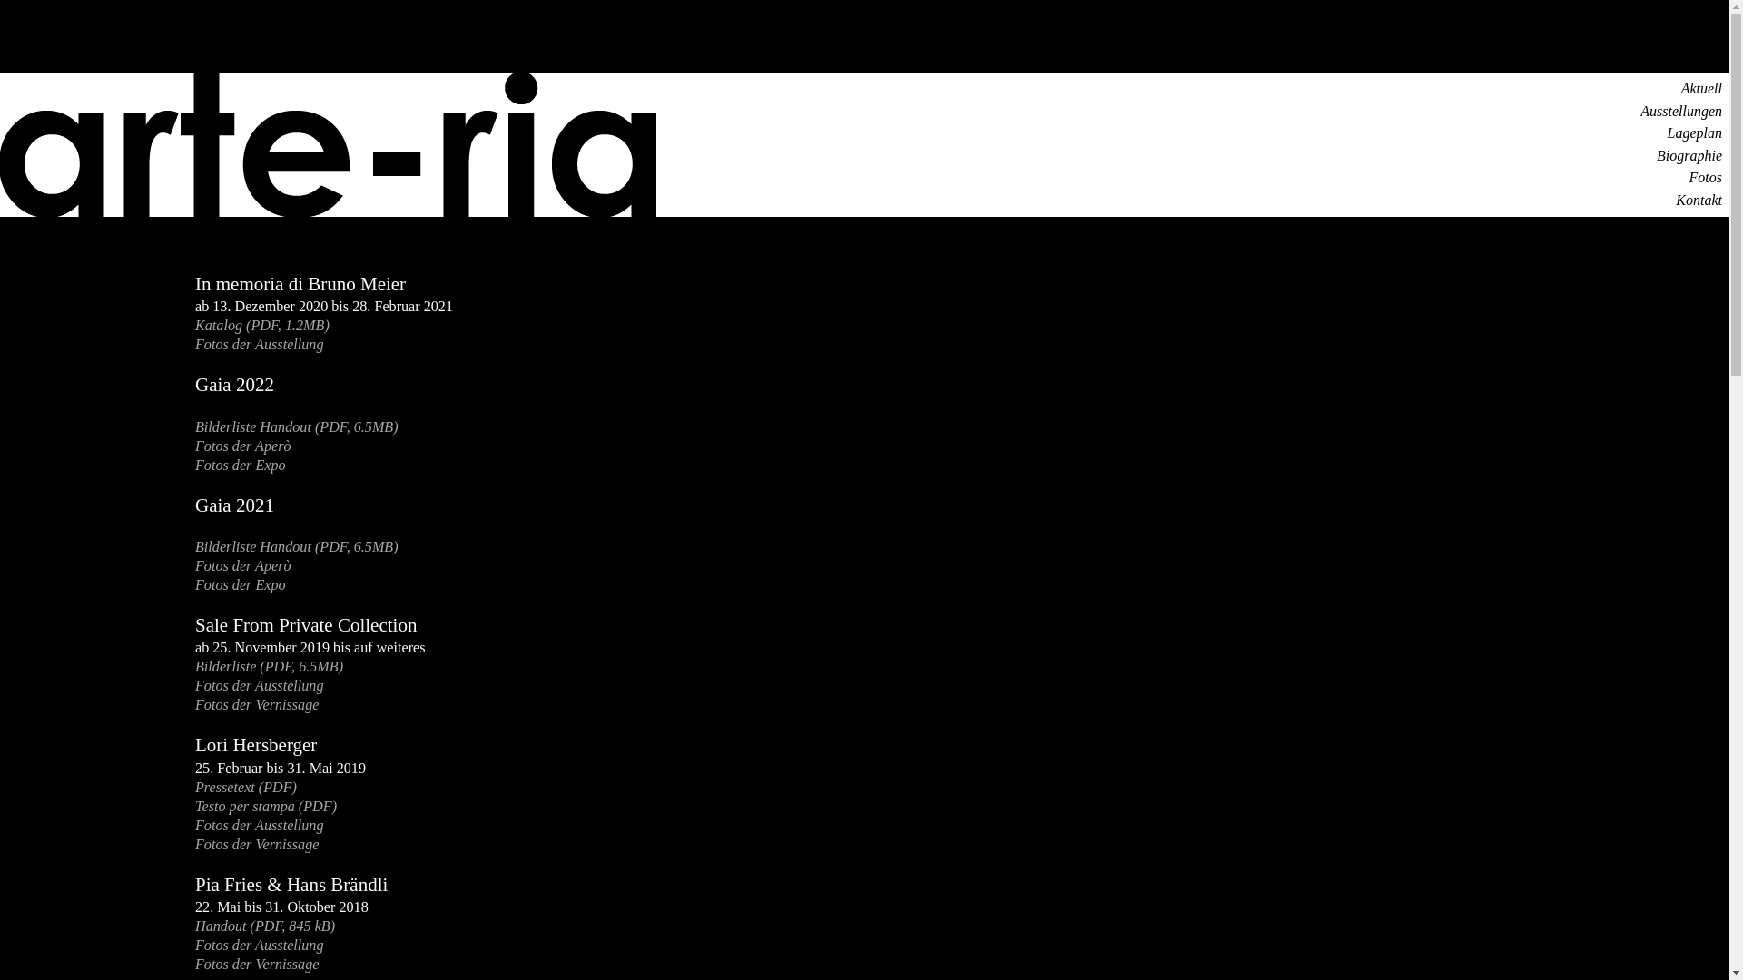 This screenshot has width=1743, height=980. What do you see at coordinates (264, 926) in the screenshot?
I see `'Handout (PDF, 845 kB)'` at bounding box center [264, 926].